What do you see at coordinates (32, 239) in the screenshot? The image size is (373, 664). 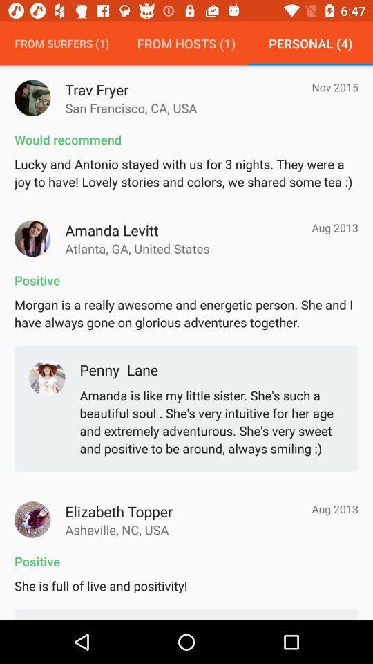 I see `the persons profile` at bounding box center [32, 239].